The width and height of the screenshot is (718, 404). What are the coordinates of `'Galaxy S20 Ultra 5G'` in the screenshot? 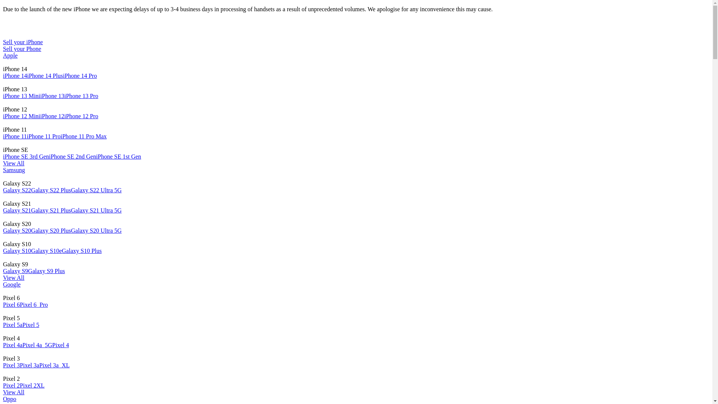 It's located at (96, 230).